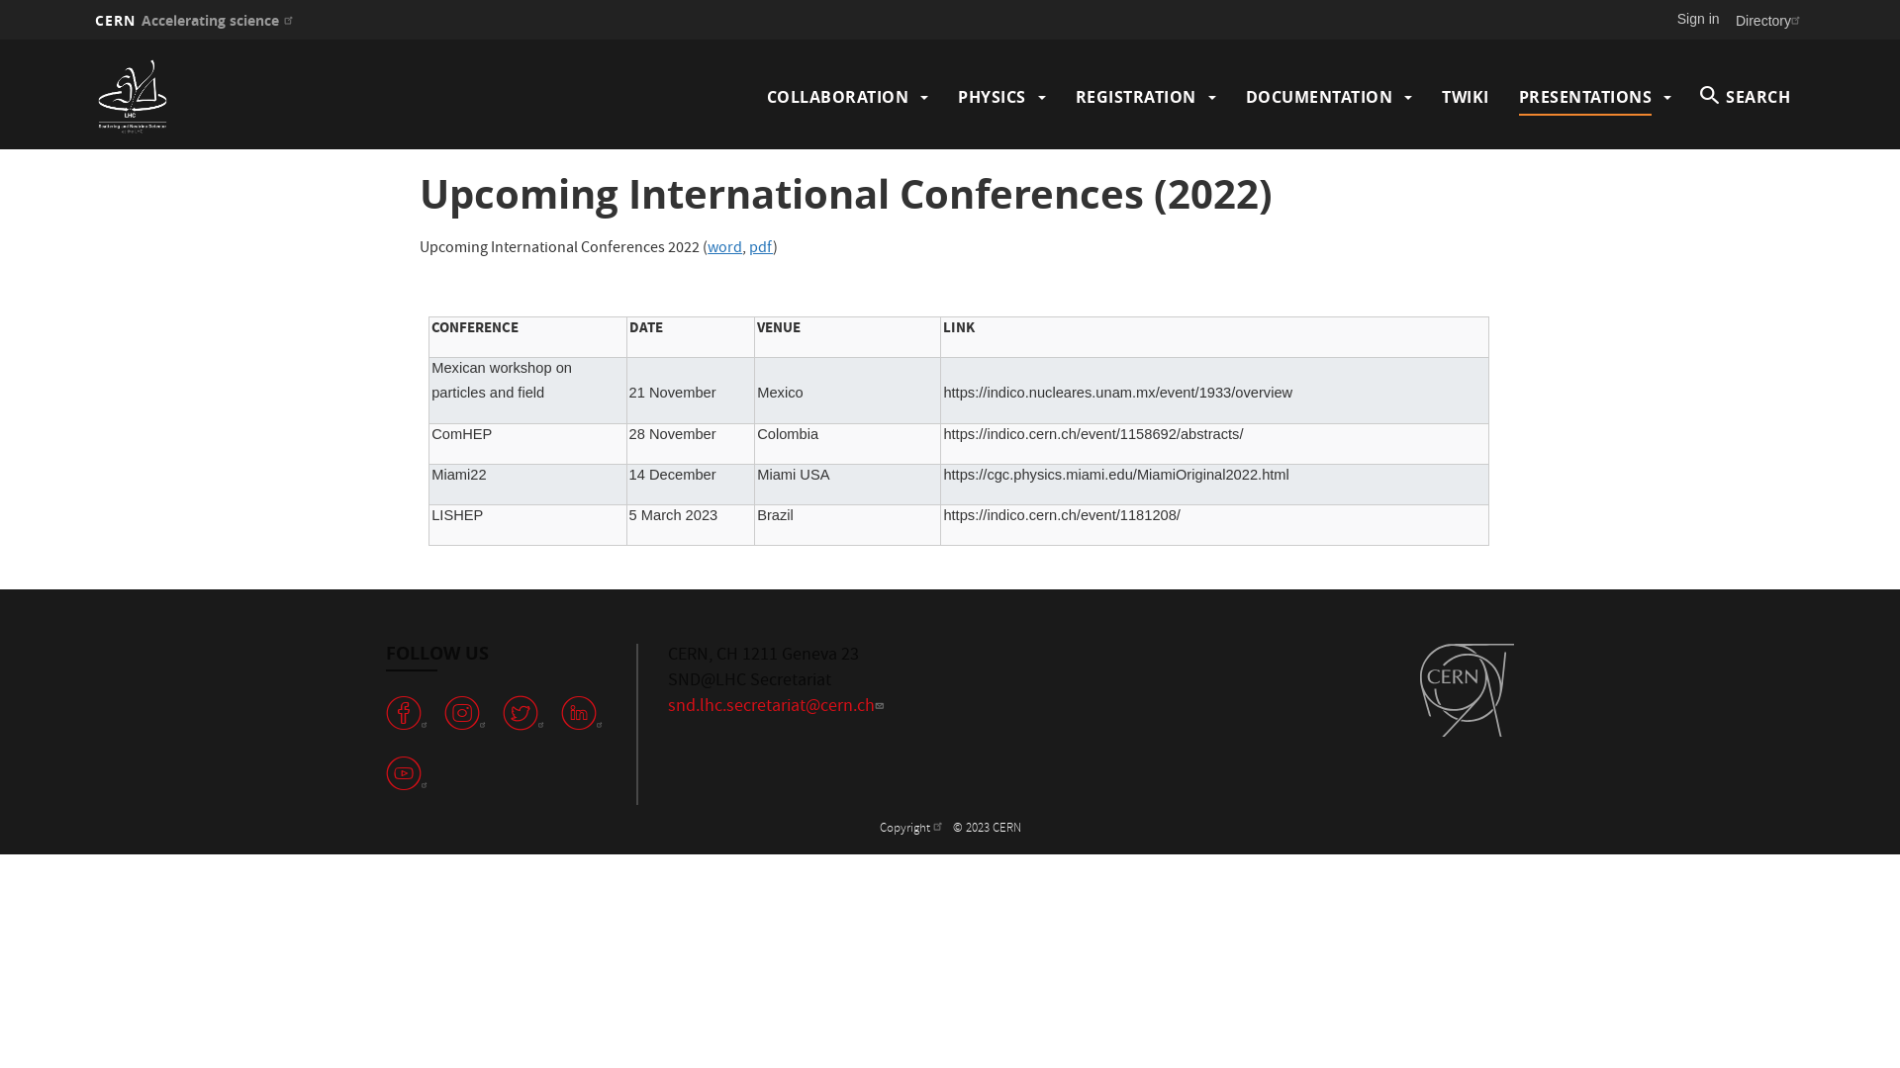 The image size is (1900, 1068). What do you see at coordinates (958, 96) in the screenshot?
I see `'PHYSICS'` at bounding box center [958, 96].